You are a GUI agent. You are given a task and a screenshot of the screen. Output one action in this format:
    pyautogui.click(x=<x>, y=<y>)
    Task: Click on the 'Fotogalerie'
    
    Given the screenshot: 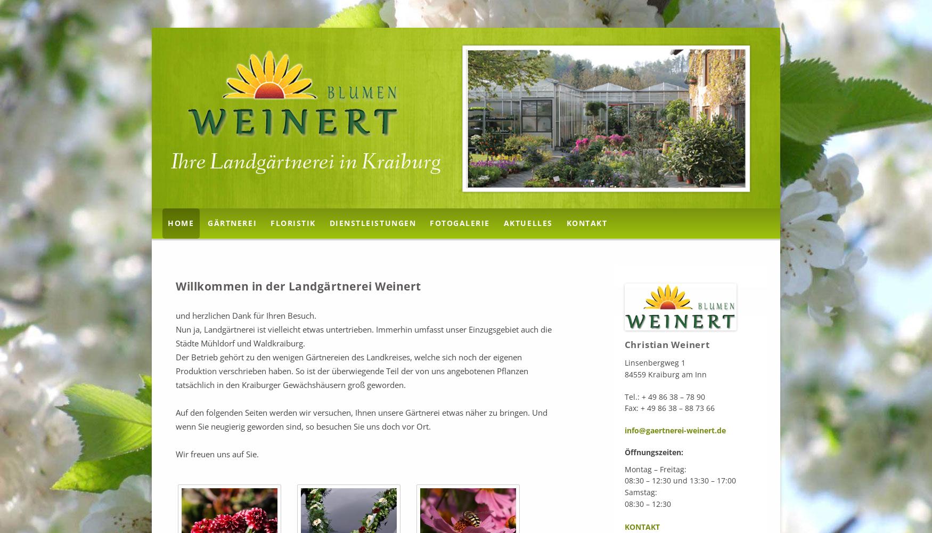 What is the action you would take?
    pyautogui.click(x=459, y=223)
    